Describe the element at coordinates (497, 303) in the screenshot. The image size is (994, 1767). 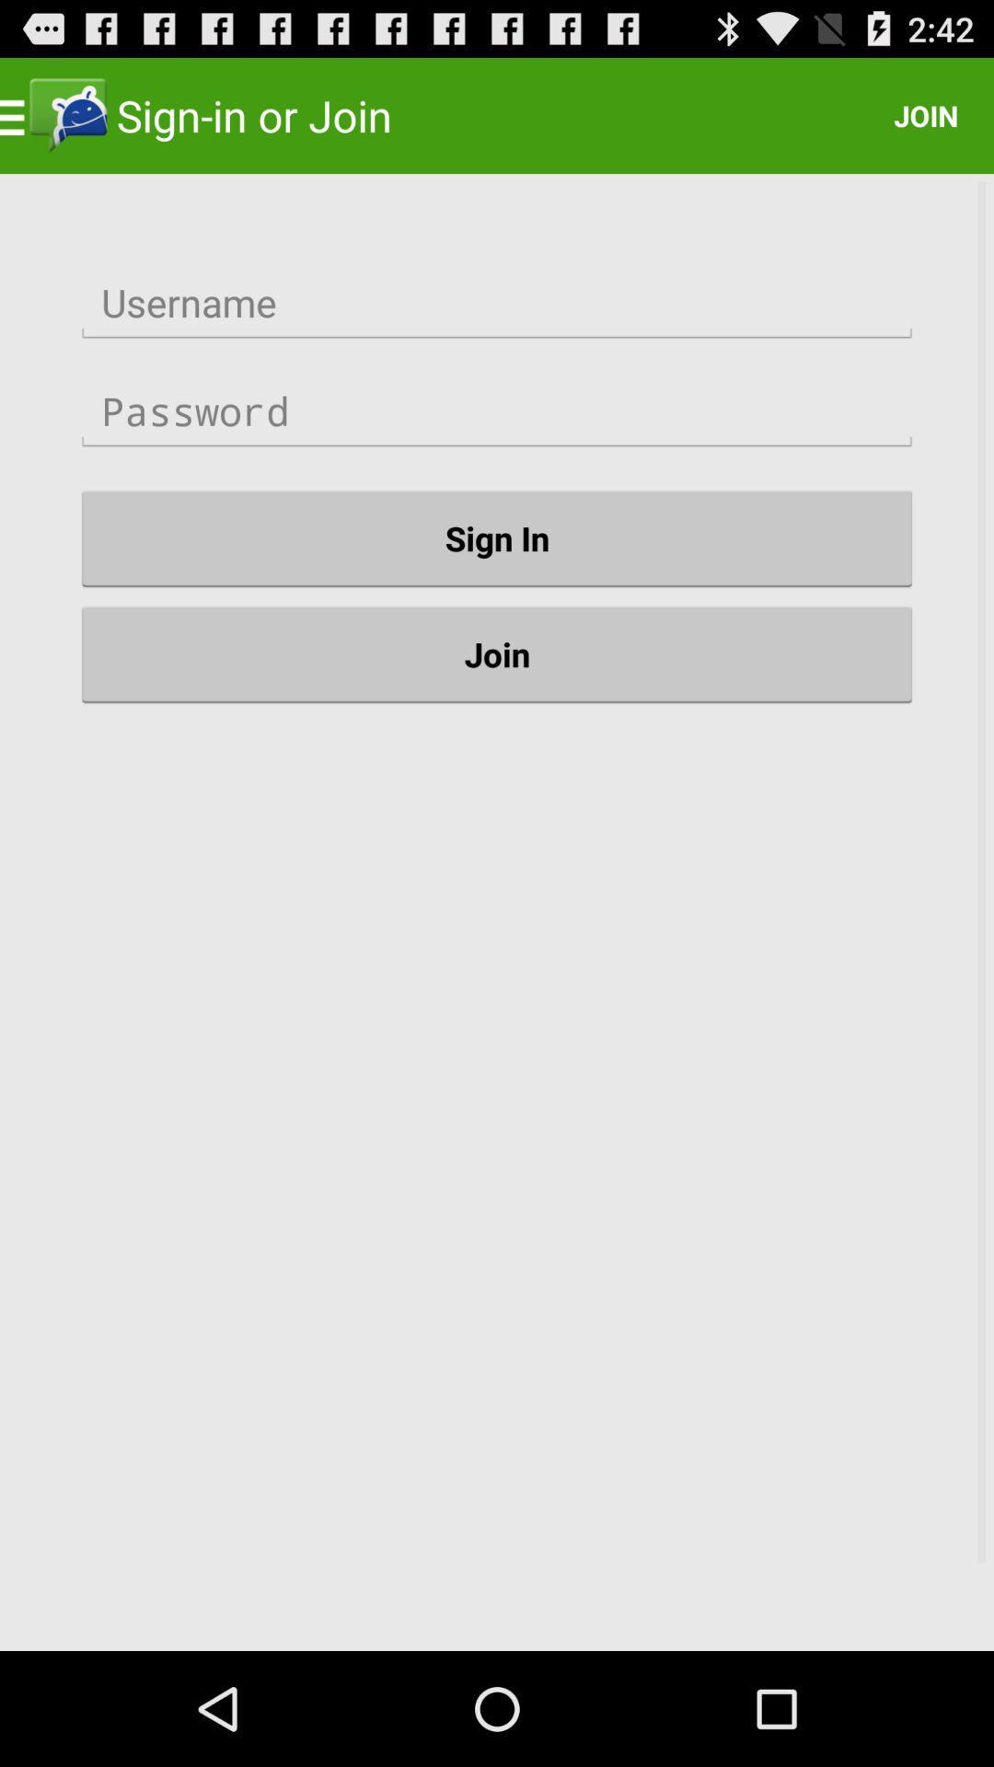
I see `username text box` at that location.